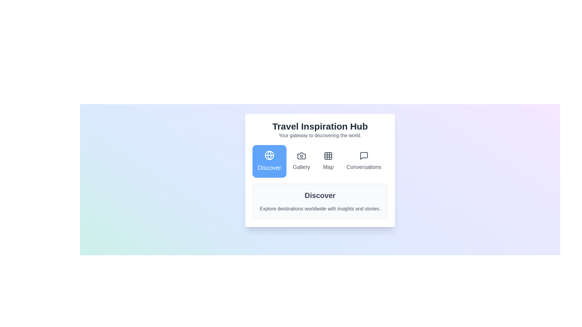 The image size is (582, 327). What do you see at coordinates (364, 167) in the screenshot?
I see `the 'Conversations' textual label, which is styled with gray color and positioned below the speech bubble icon in the navigation row` at bounding box center [364, 167].